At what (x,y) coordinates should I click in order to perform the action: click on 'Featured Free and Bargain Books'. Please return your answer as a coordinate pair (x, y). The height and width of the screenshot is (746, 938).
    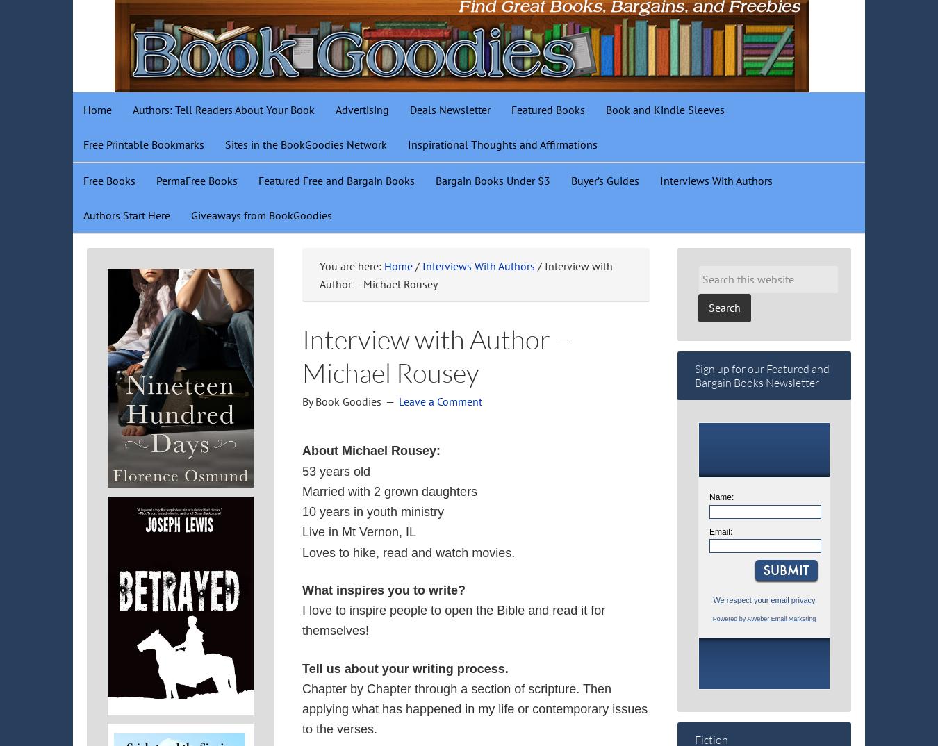
    Looking at the image, I should click on (336, 180).